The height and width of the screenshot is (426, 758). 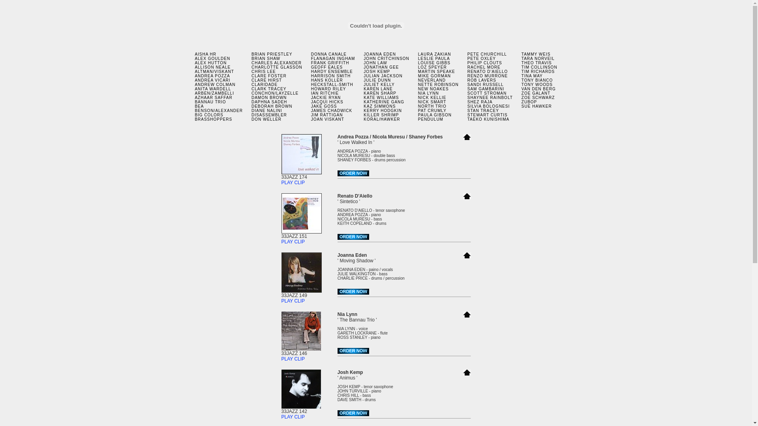 I want to click on 'NORTH TRIO', so click(x=432, y=106).